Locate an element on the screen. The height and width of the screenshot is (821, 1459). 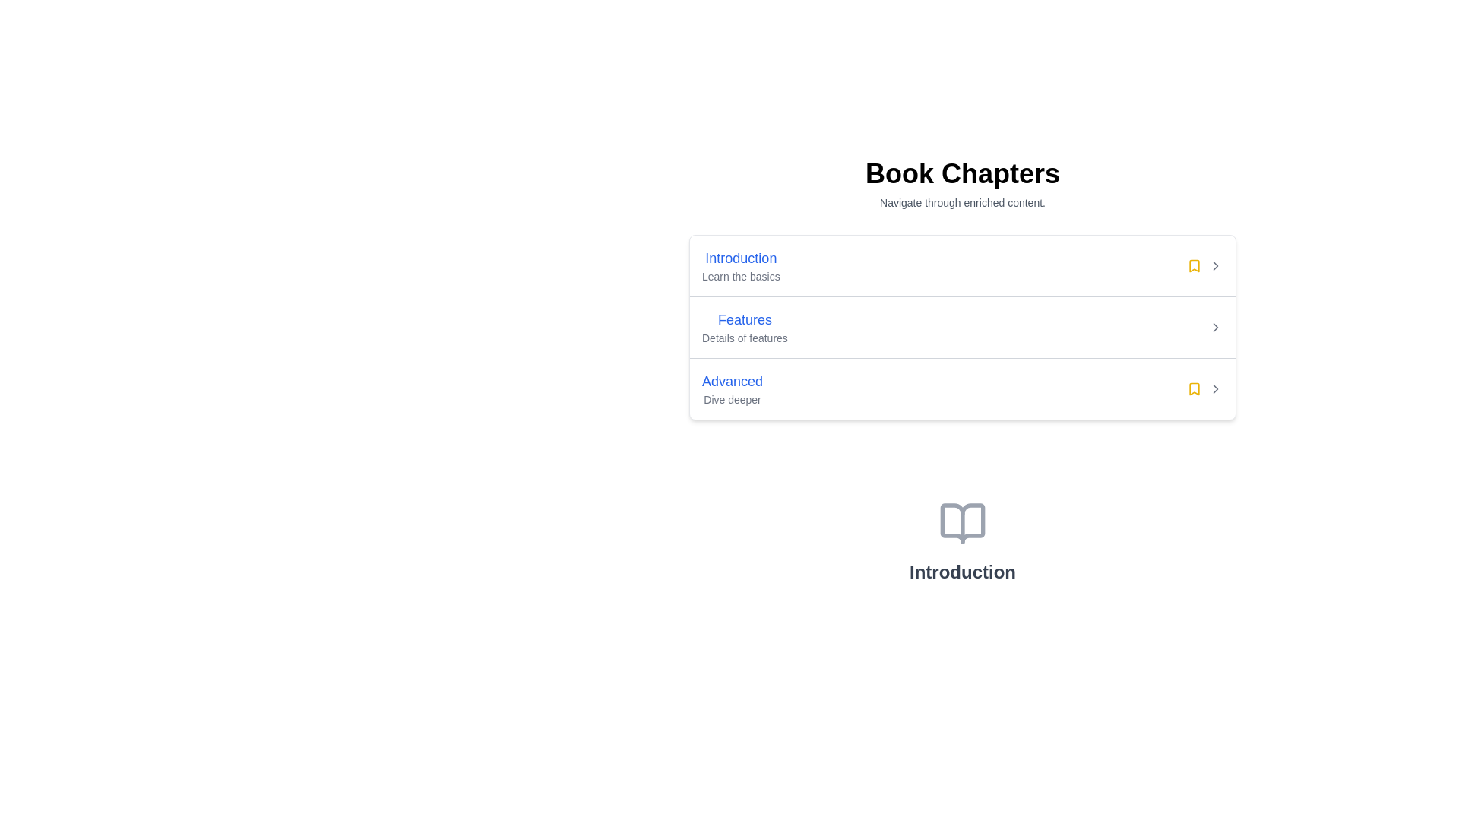
the second hyperlink in the vertical list under the 'Book Chapters' heading is located at coordinates (745, 319).